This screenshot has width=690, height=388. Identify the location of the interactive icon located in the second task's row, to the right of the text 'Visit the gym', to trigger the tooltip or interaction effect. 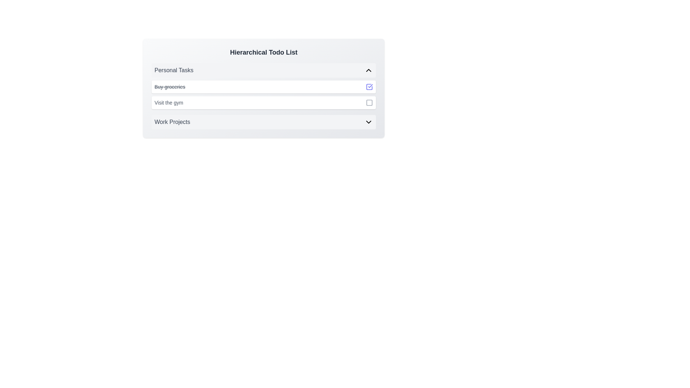
(369, 102).